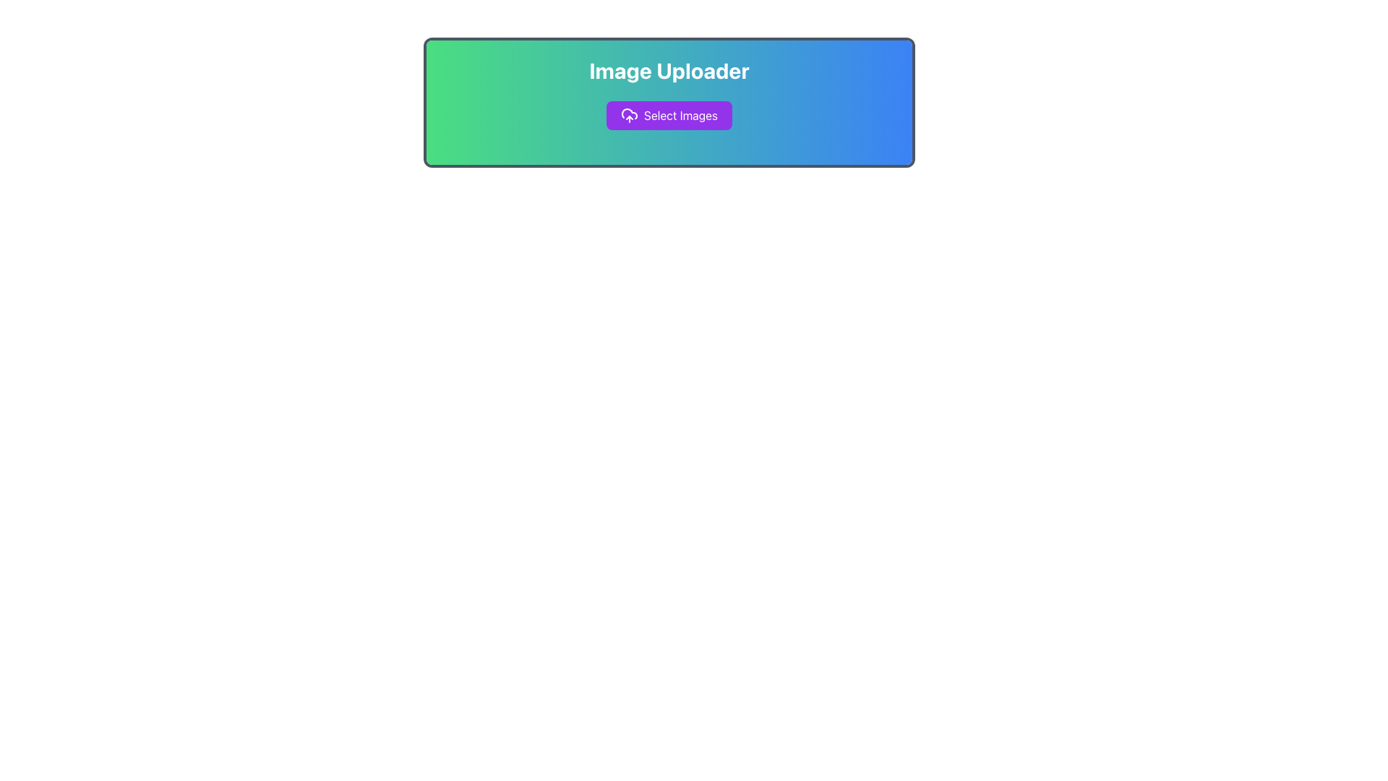 This screenshot has height=781, width=1388. I want to click on the cloud upload icon located to the left of the 'Select Images' text within the purple button, so click(629, 114).